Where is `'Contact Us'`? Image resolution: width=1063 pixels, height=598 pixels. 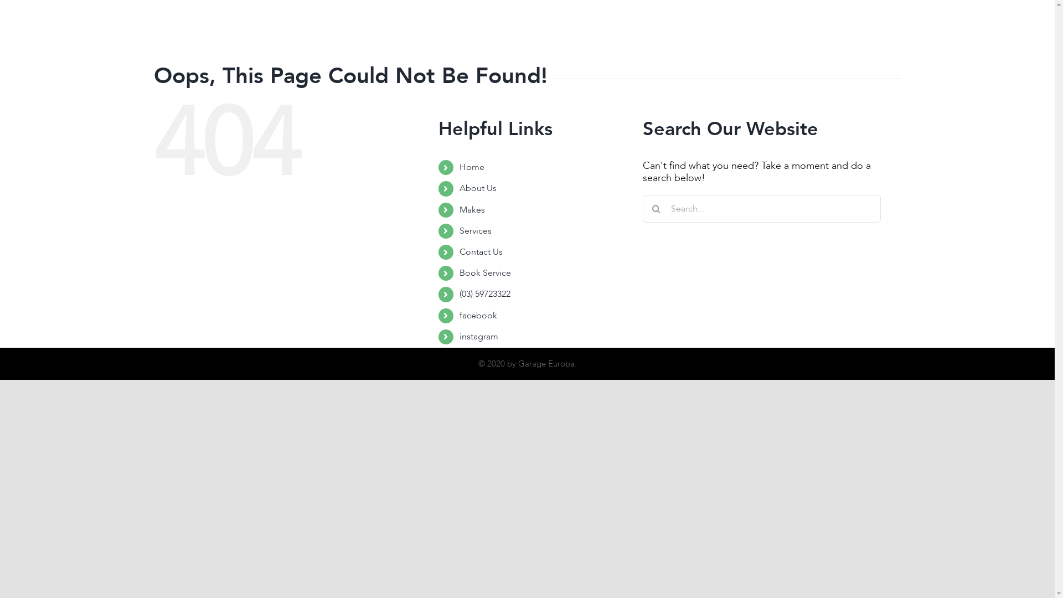
'Contact Us' is located at coordinates (481, 252).